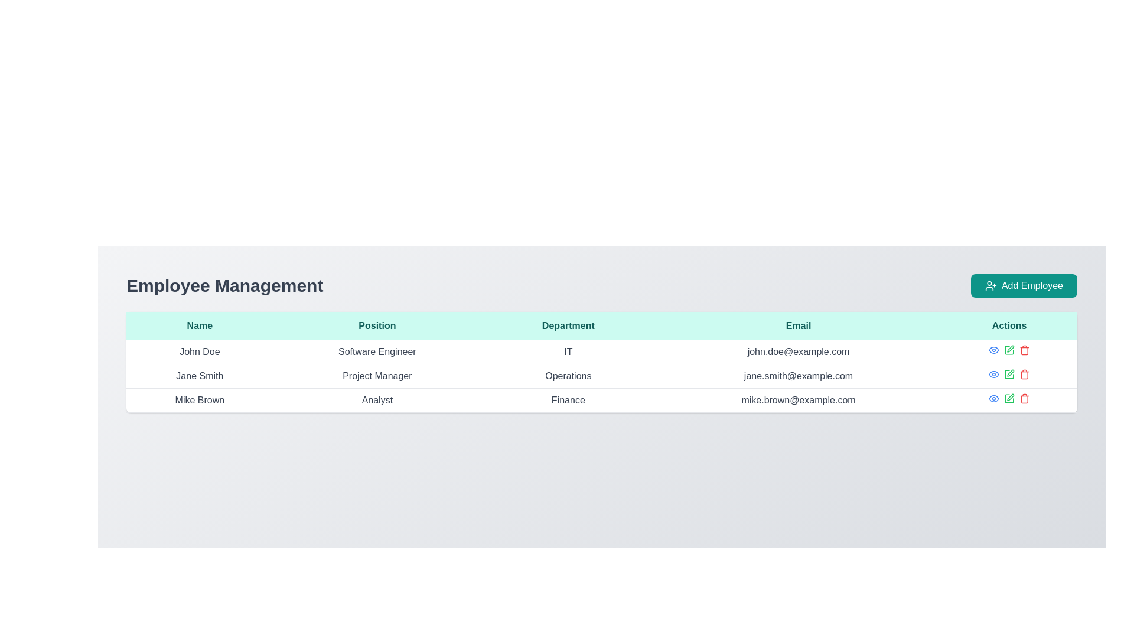  Describe the element at coordinates (1010, 348) in the screenshot. I see `the edit action button located in the 'Actions' column of the table for the employee 'Jane Smith'` at that location.